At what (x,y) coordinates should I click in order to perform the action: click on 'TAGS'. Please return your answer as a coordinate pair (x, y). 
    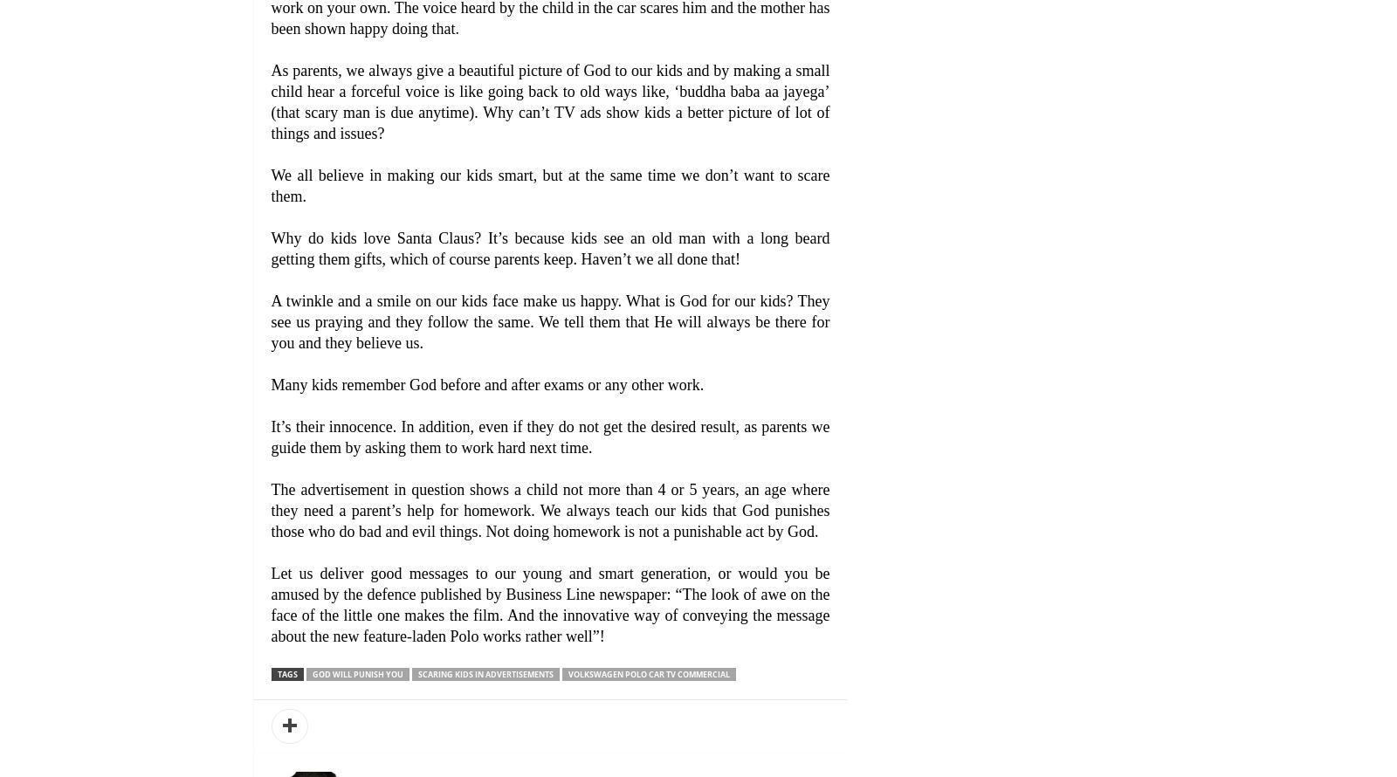
    Looking at the image, I should click on (276, 674).